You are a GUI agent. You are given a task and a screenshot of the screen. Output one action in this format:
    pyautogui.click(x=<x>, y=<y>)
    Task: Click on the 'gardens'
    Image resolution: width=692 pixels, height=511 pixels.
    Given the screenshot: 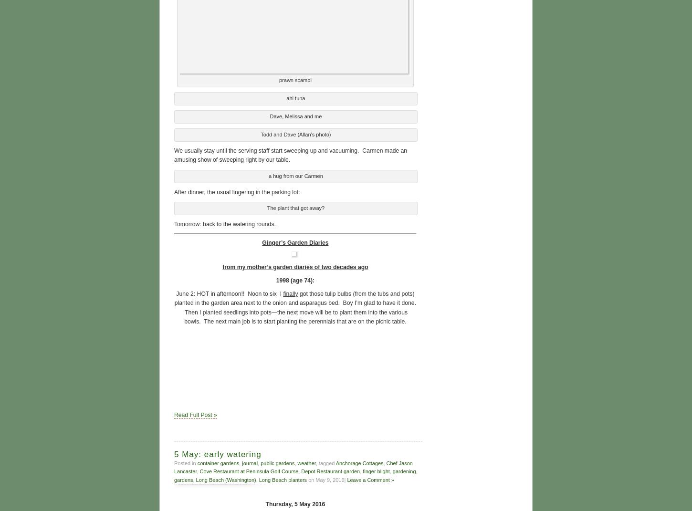 What is the action you would take?
    pyautogui.click(x=183, y=478)
    